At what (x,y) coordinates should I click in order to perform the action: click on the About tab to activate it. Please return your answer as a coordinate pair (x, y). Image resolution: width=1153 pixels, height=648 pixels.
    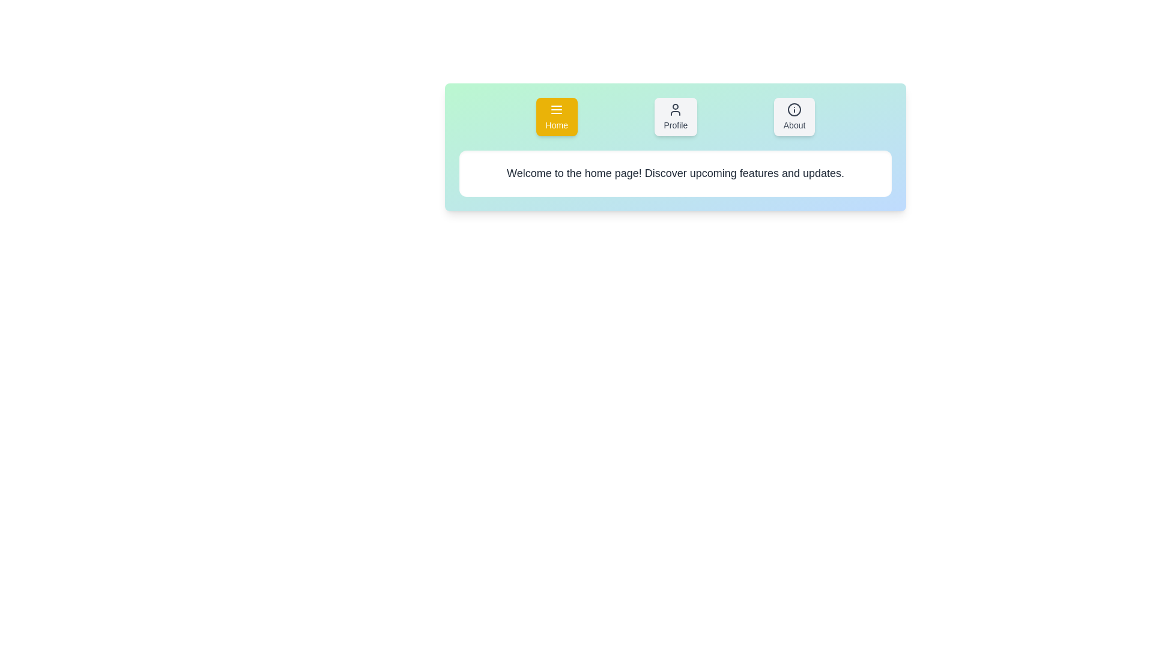
    Looking at the image, I should click on (794, 117).